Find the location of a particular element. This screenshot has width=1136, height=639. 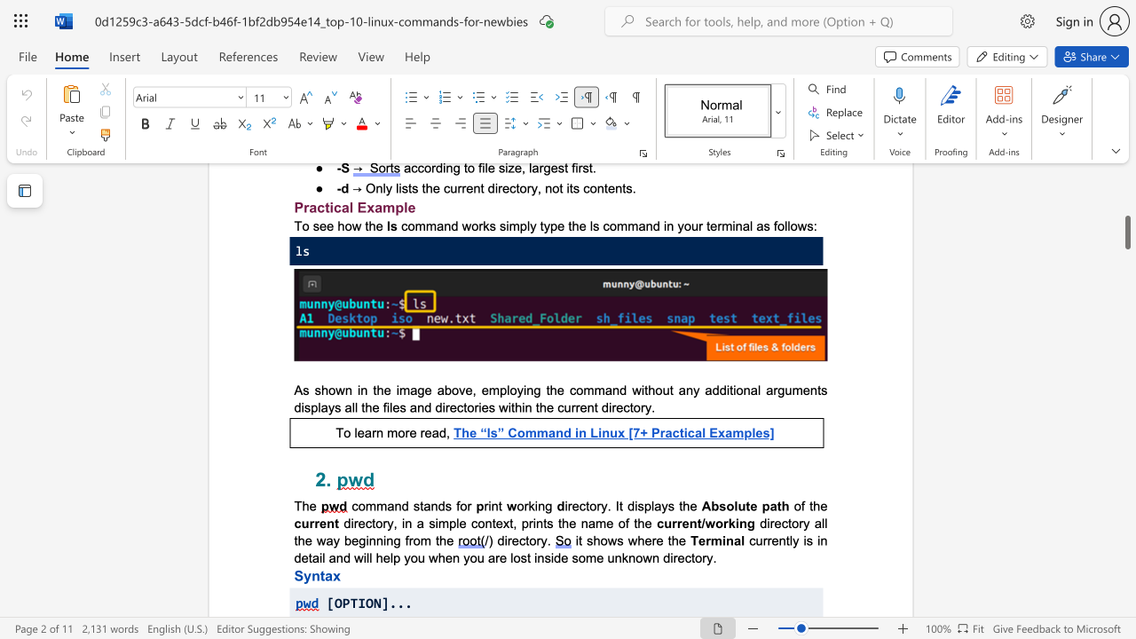

the subset text "It displays the" within the text "irectory. It displays the" is located at coordinates (615, 506).